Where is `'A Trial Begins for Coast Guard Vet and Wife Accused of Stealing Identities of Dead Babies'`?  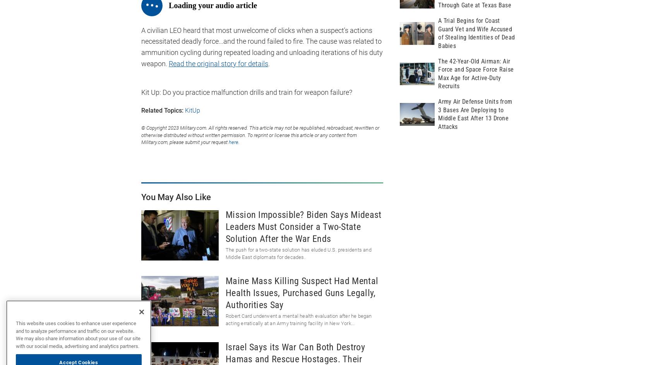 'A Trial Begins for Coast Guard Vet and Wife Accused of Stealing Identities of Dead Babies' is located at coordinates (476, 33).